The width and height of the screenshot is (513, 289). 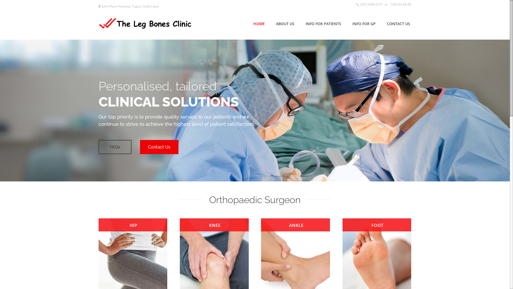 I want to click on '  John Flynn Hospital, Tugun, Gold Coast', so click(x=129, y=6).